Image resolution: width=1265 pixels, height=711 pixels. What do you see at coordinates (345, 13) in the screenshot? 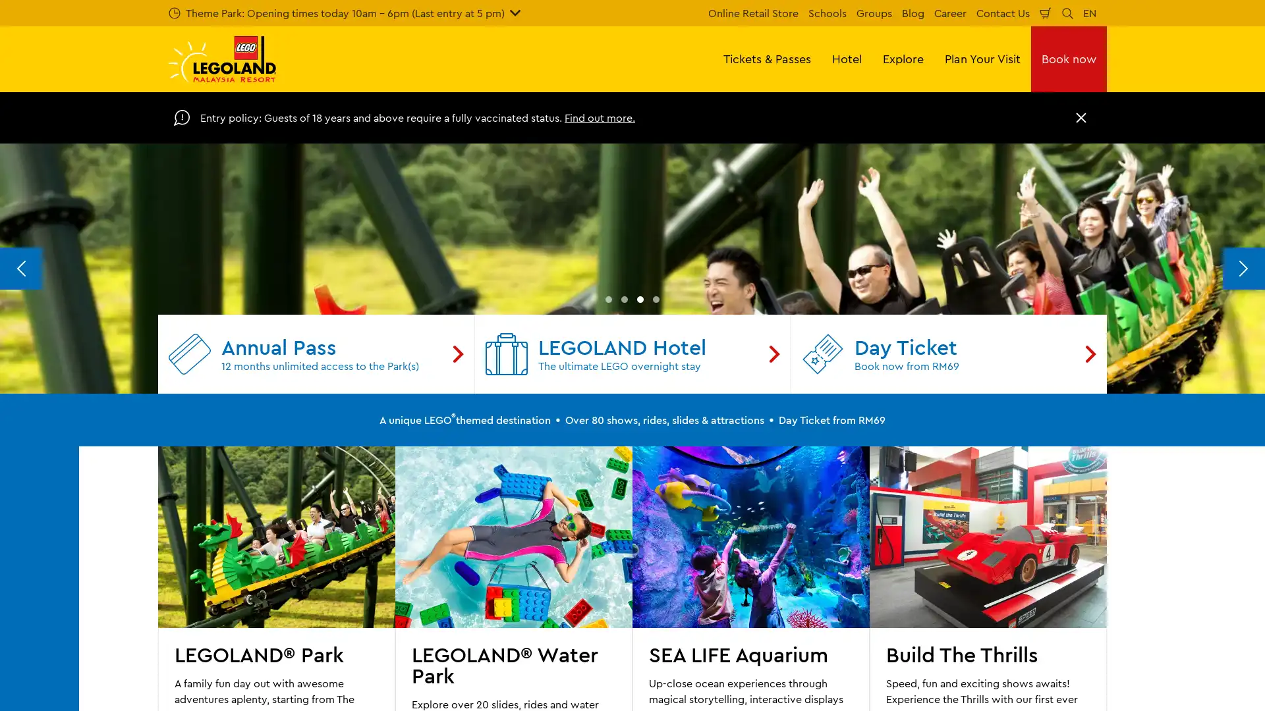
I see `Theme Park: Opening times today 10am - 6pm (Last entry at 5 pm)` at bounding box center [345, 13].